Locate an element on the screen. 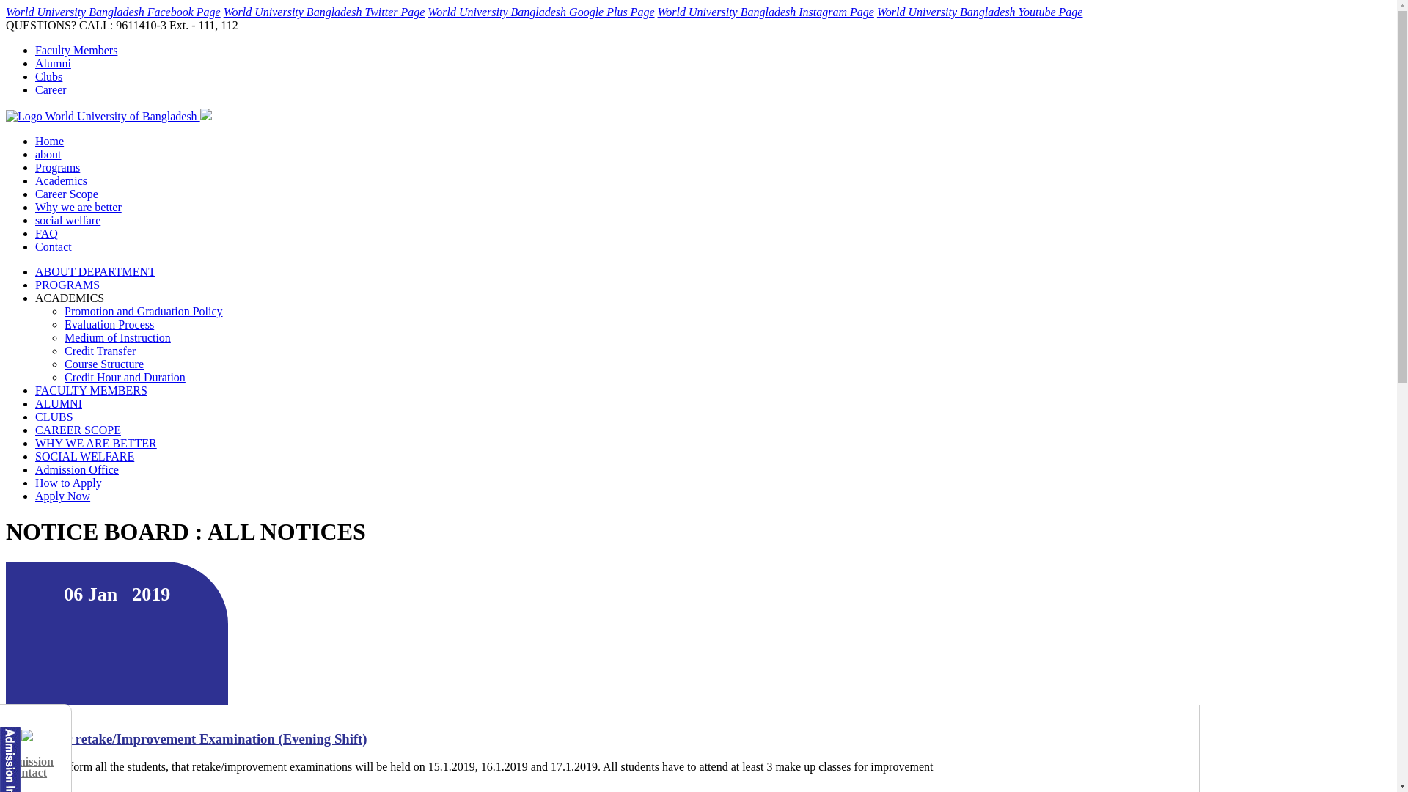 The width and height of the screenshot is (1408, 792). 'Credit Hour and Duration' is located at coordinates (125, 376).